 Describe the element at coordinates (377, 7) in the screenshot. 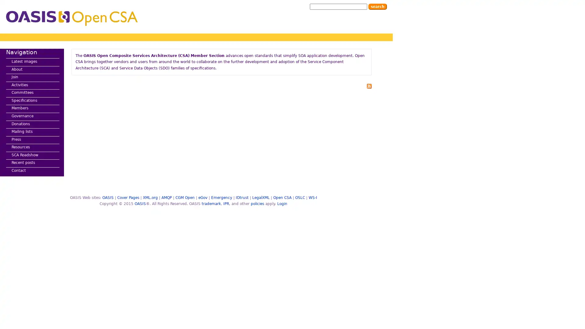

I see `Search` at that location.